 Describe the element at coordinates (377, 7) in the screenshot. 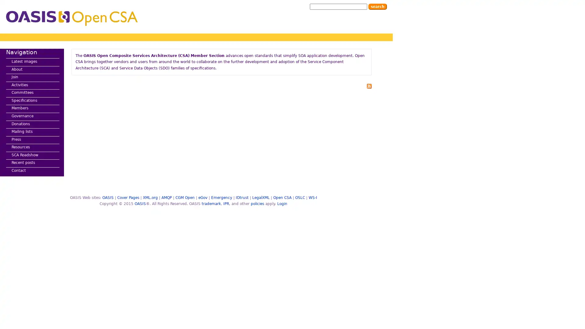

I see `Search` at that location.